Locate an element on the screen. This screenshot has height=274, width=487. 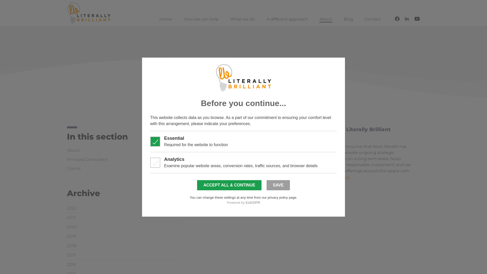
'2017' is located at coordinates (71, 255).